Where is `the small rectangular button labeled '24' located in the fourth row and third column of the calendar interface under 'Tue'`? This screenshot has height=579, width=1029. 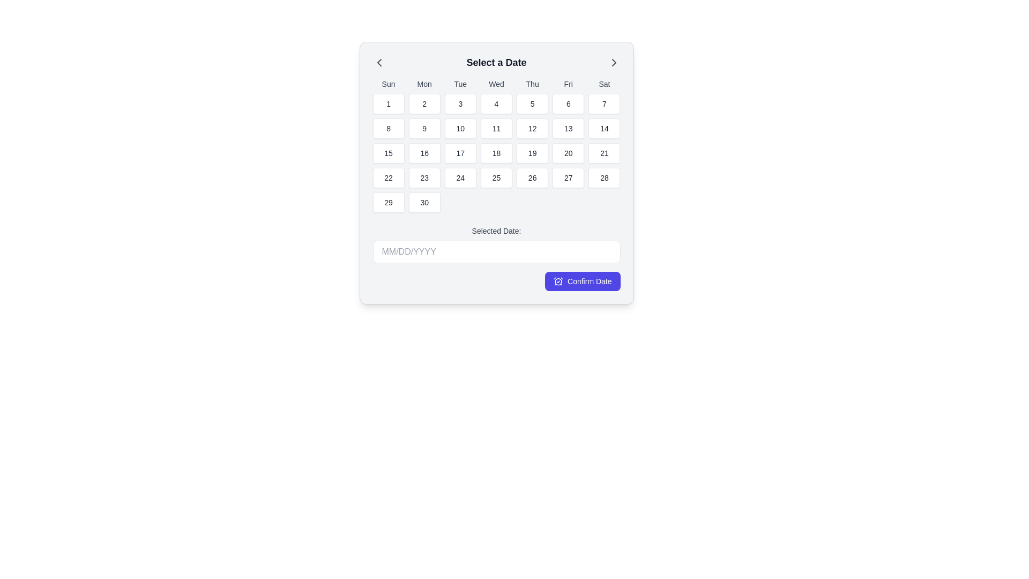 the small rectangular button labeled '24' located in the fourth row and third column of the calendar interface under 'Tue' is located at coordinates (460, 177).